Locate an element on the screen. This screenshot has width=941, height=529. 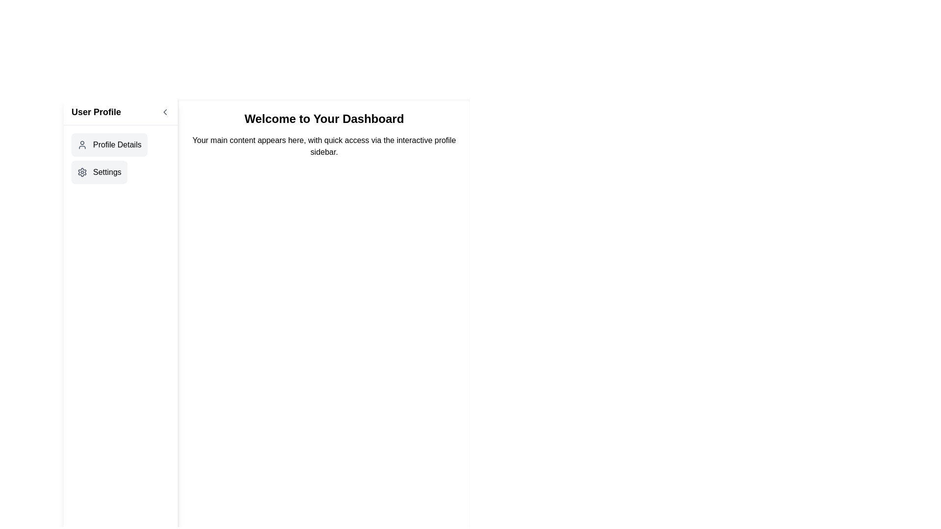
the 'Profile Details' icon located in the sidebar under the 'User Profile' heading, which is the only graphical element preceding the 'Profile Details' label is located at coordinates (82, 145).